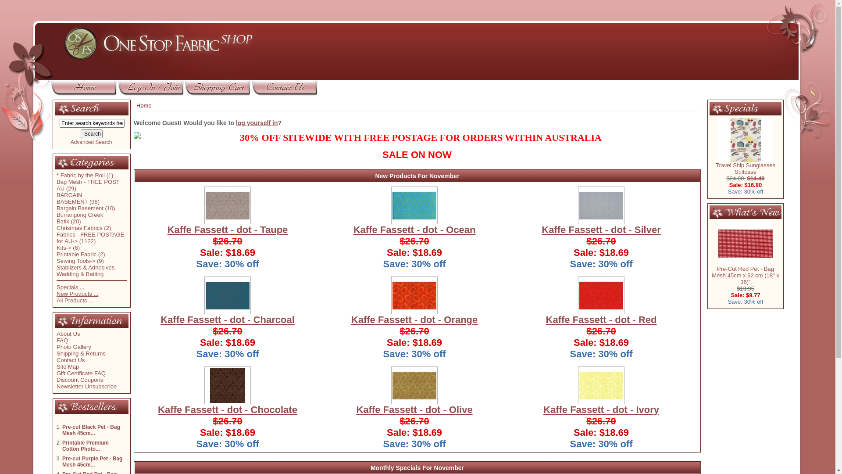 The height and width of the screenshot is (474, 842). What do you see at coordinates (228, 229) in the screenshot?
I see `'Kaffe Fassett - dot - Taupe'` at bounding box center [228, 229].